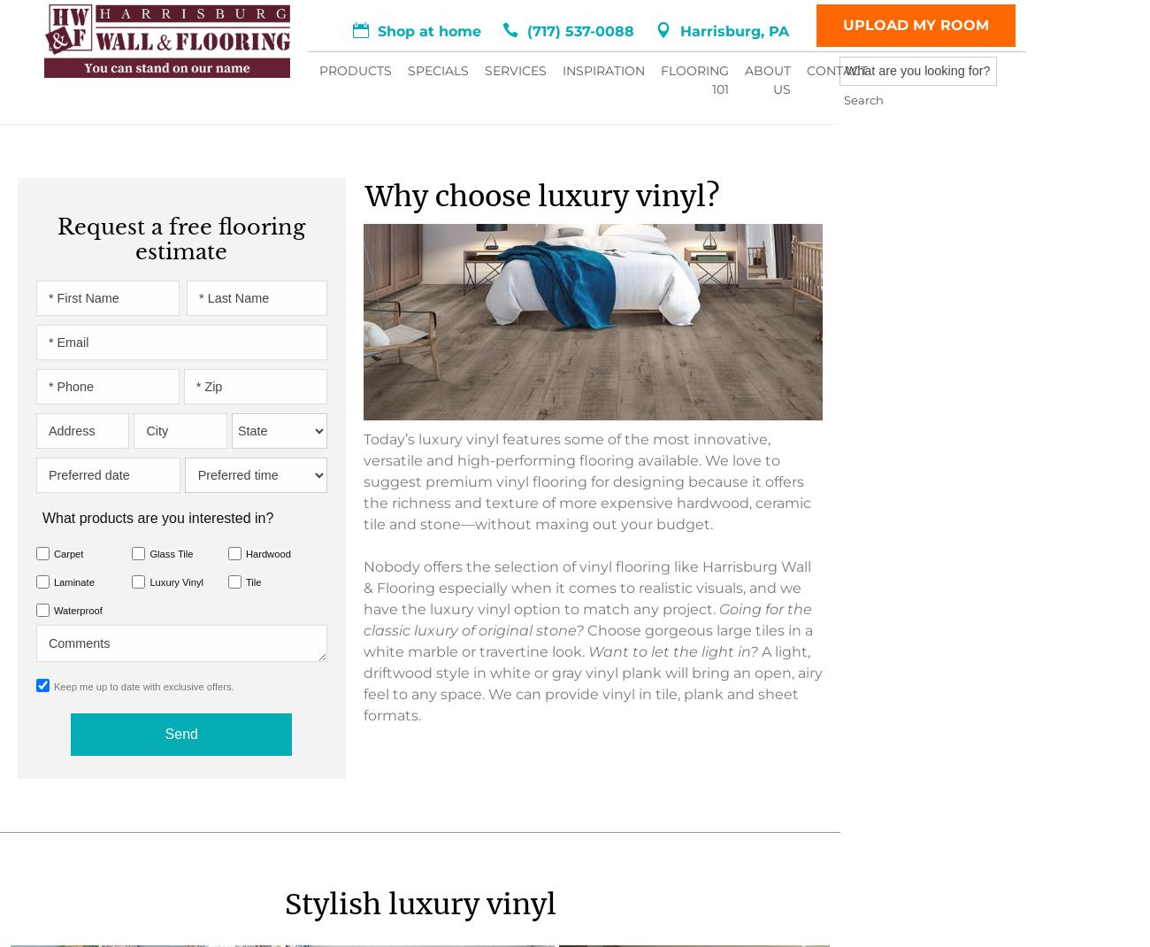 The width and height of the screenshot is (1150, 947). Describe the element at coordinates (310, 373) in the screenshot. I see `'There are many luxury vinyl patterns, styles and colors available and we invite you to'` at that location.